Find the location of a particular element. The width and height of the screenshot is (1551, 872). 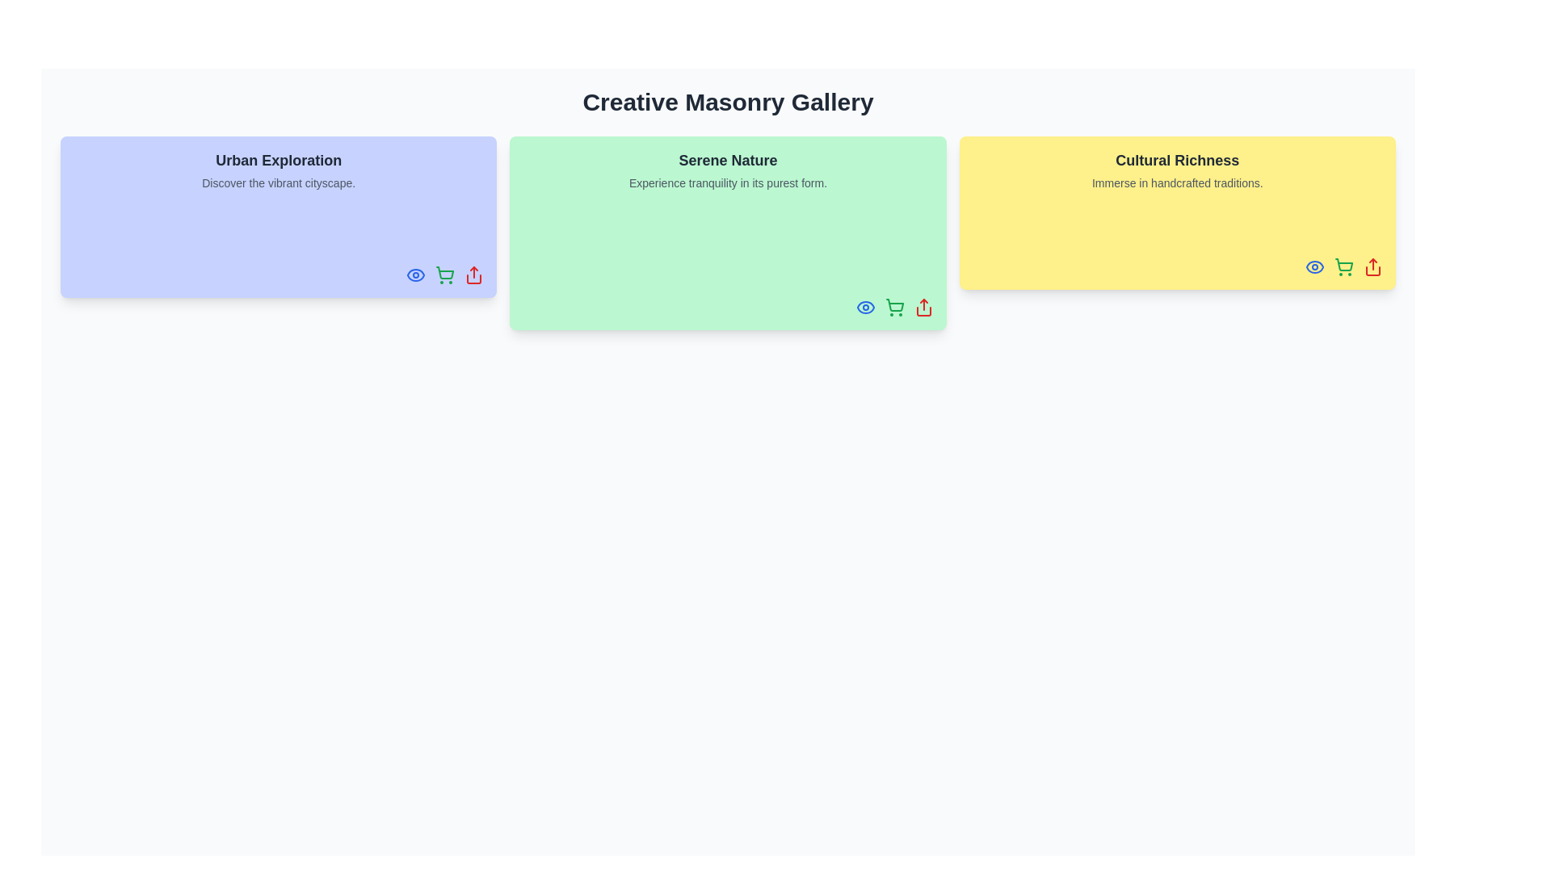

the Header text that serves as the title or heading for the page, located at the top of the viewport above the content boxes is located at coordinates (727, 103).